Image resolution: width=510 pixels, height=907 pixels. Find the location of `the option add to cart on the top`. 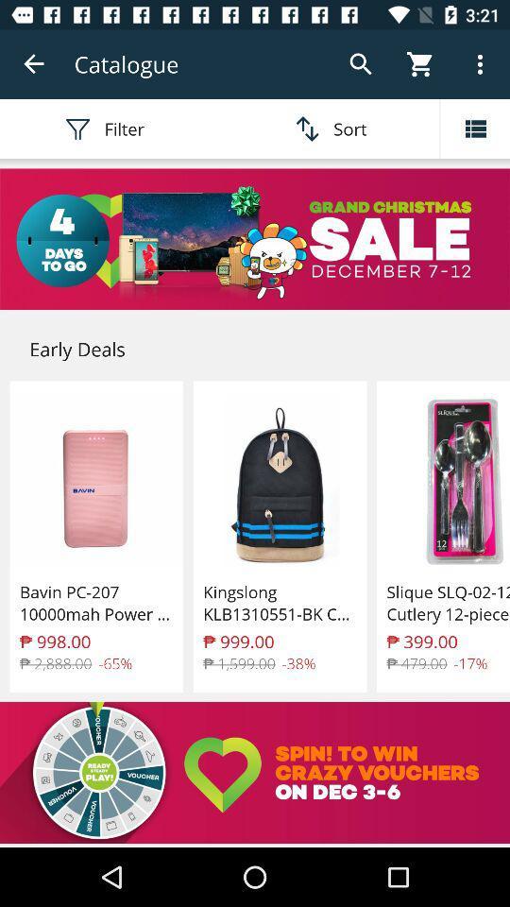

the option add to cart on the top is located at coordinates (420, 64).